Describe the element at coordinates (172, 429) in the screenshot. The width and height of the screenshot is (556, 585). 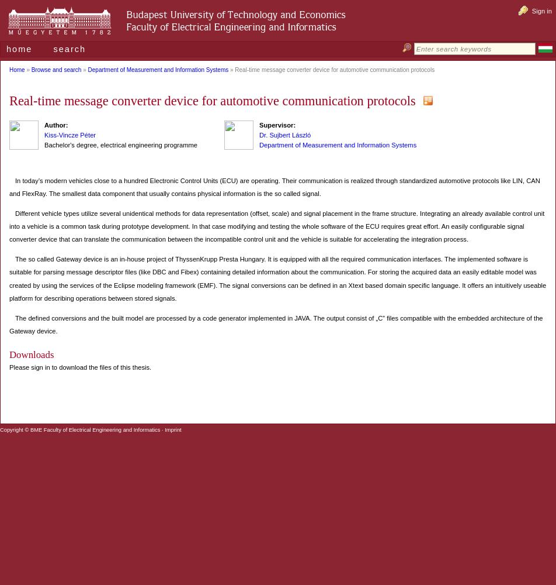
I see `'Imprint'` at that location.